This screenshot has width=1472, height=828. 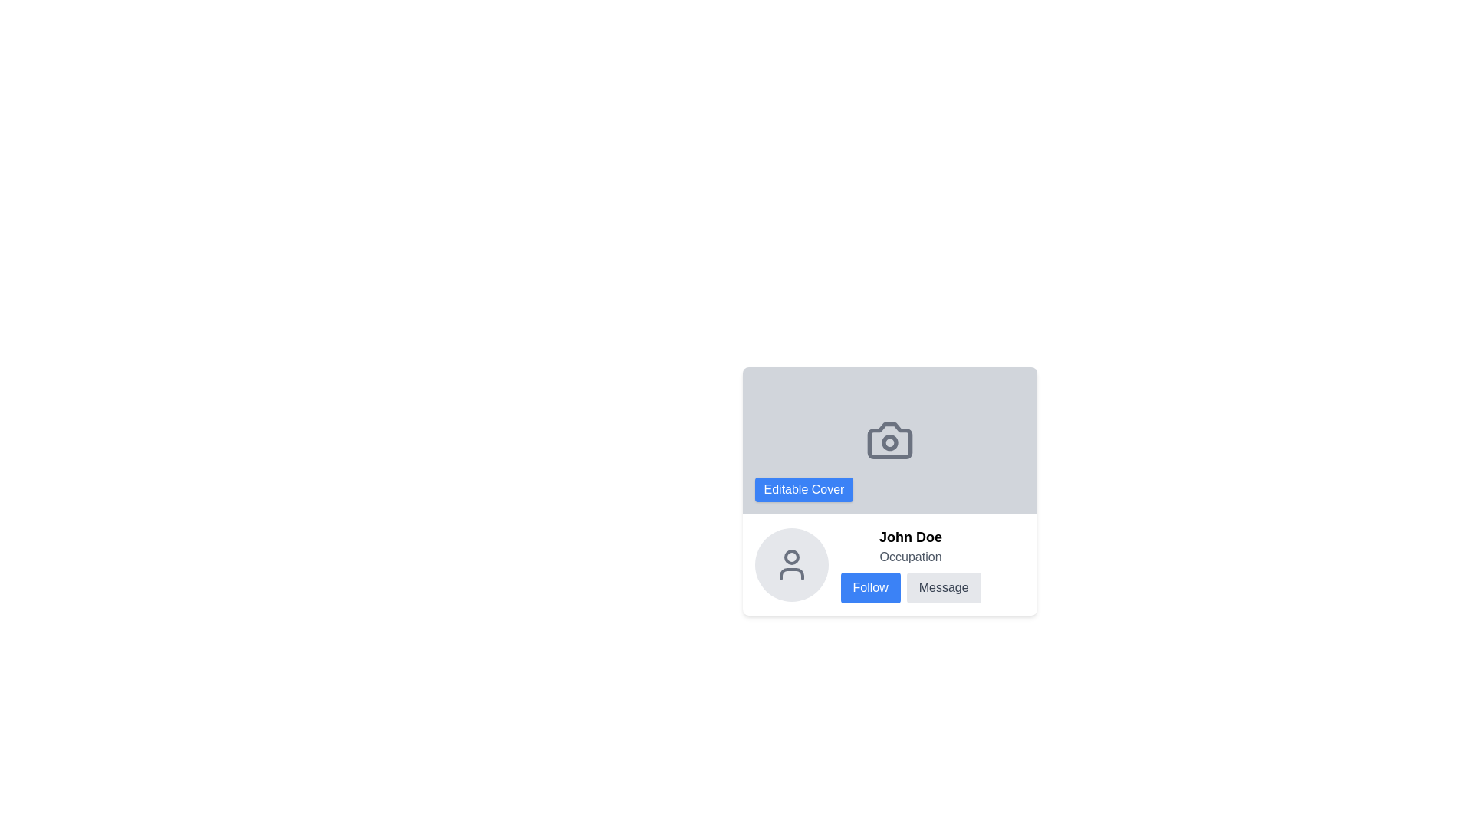 What do you see at coordinates (870, 587) in the screenshot?
I see `the 'Follow' button located below the name and occupation details in the profile section` at bounding box center [870, 587].